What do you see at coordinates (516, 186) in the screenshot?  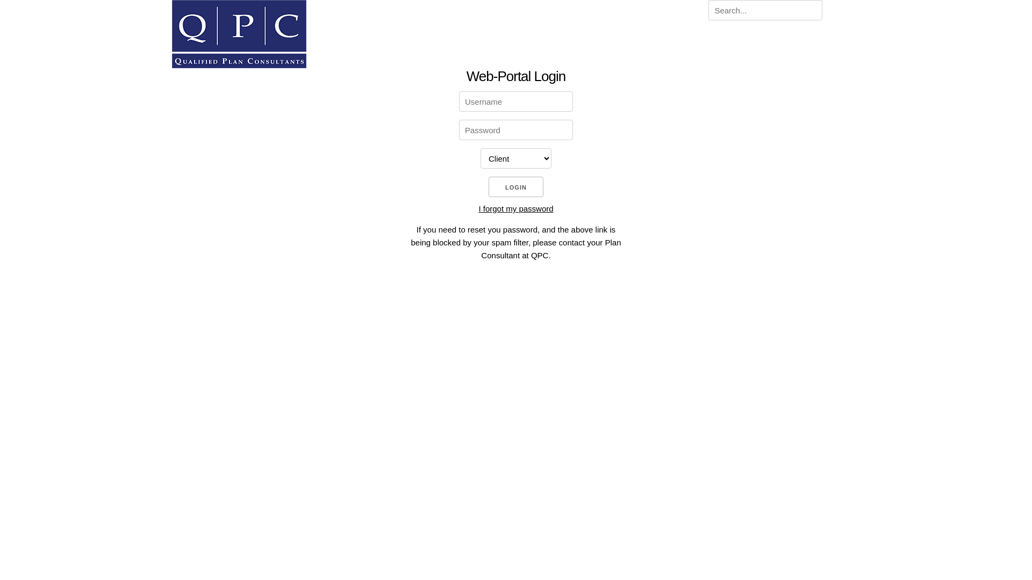 I see `'LOGIN'` at bounding box center [516, 186].